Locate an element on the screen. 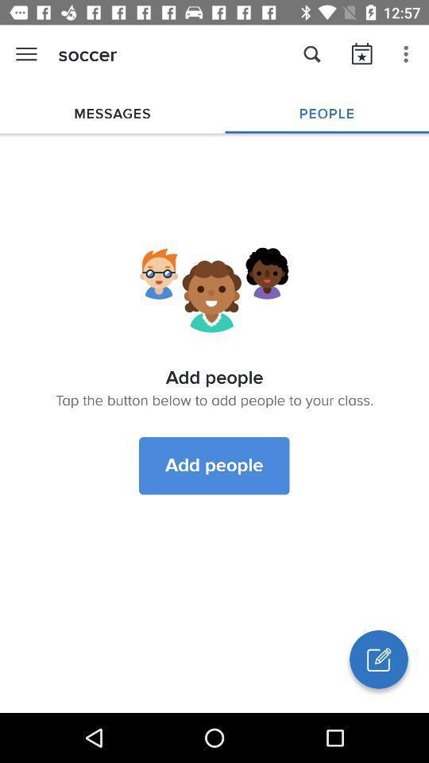 The height and width of the screenshot is (763, 429). option is located at coordinates (377, 659).